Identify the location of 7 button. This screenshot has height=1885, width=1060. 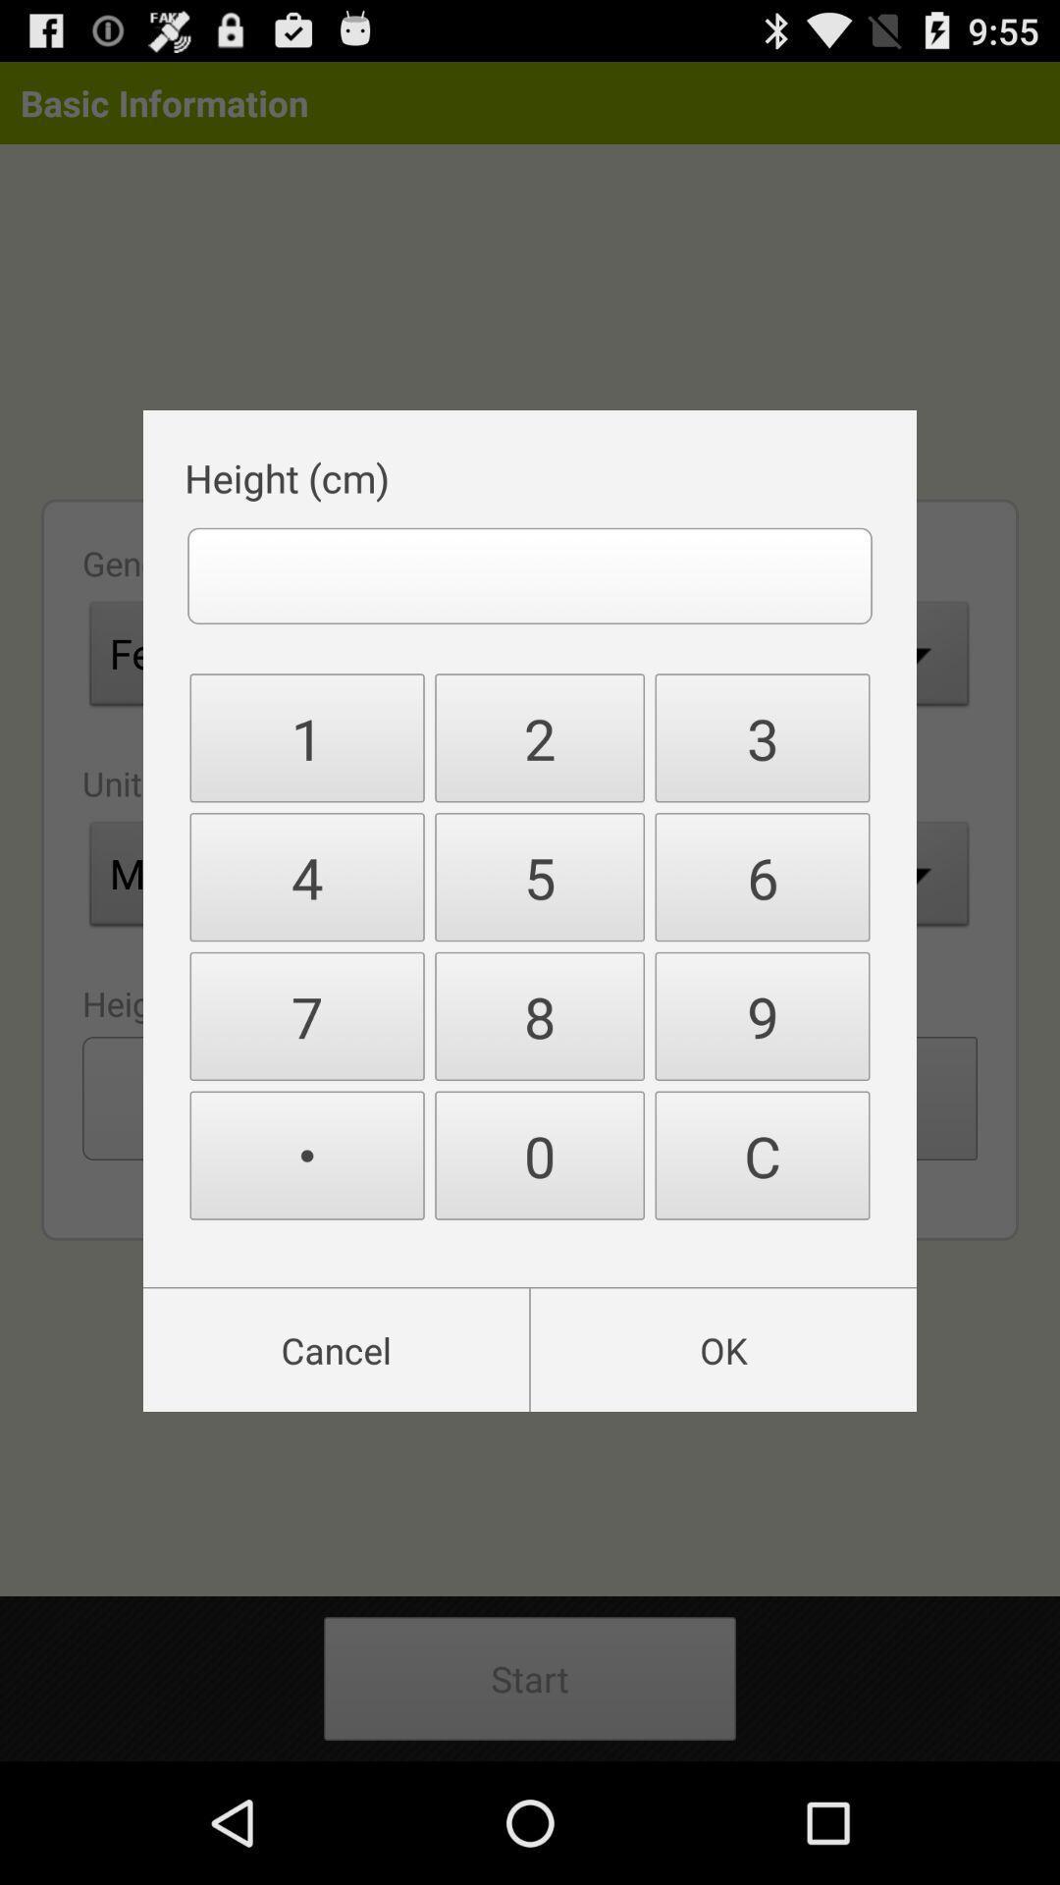
(307, 1016).